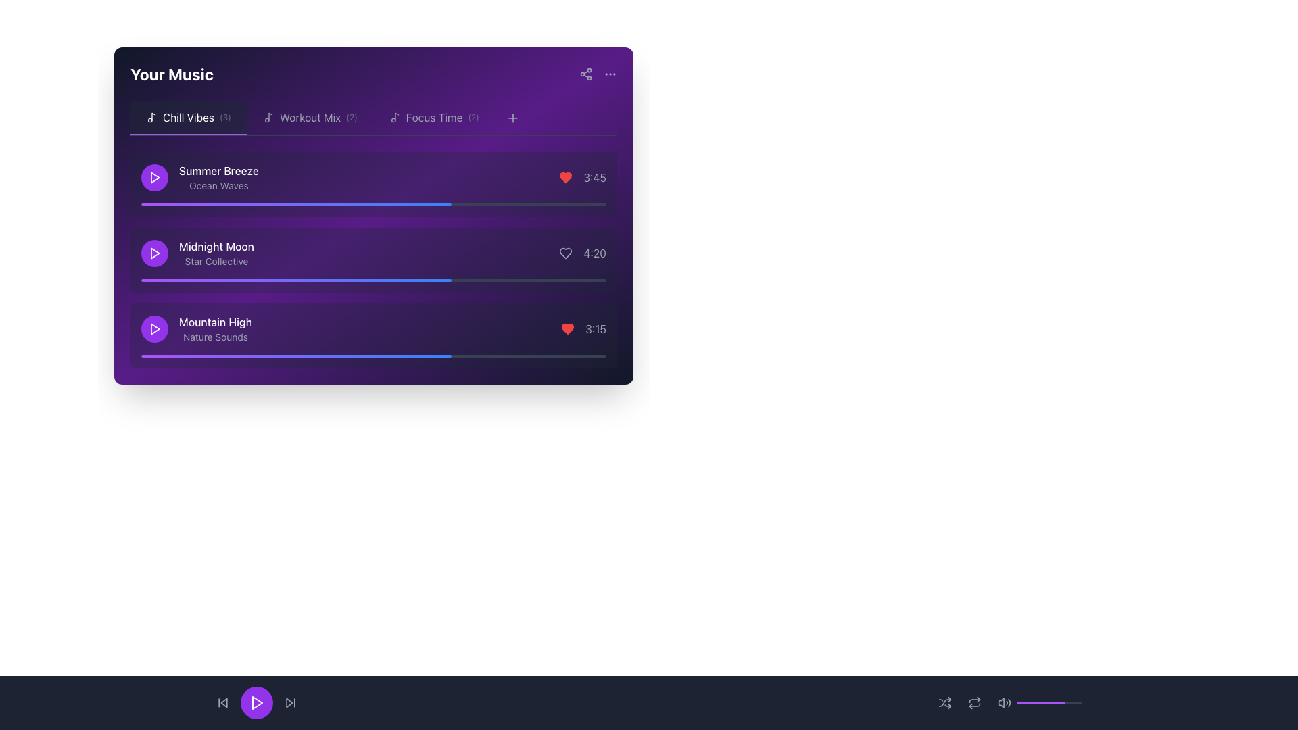 The width and height of the screenshot is (1298, 730). I want to click on the progress bar, so click(531, 280).